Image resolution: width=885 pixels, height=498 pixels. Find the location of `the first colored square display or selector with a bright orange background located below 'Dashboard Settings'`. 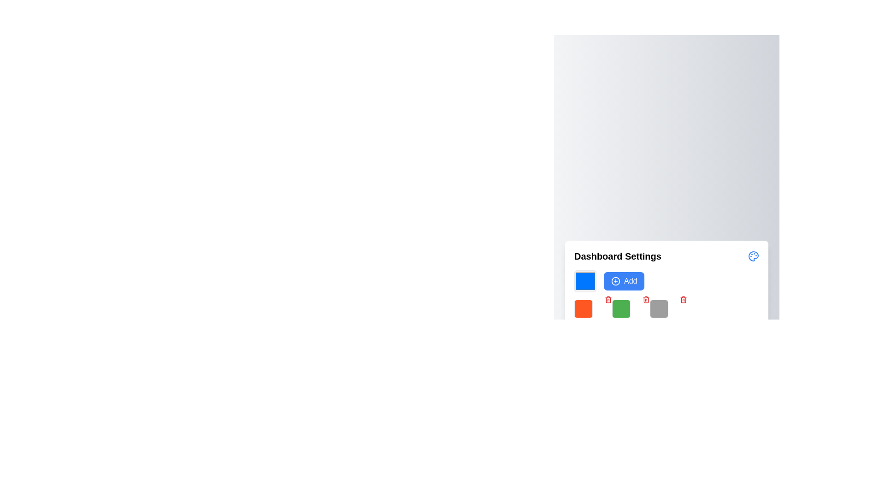

the first colored square display or selector with a bright orange background located below 'Dashboard Settings' is located at coordinates (583, 309).